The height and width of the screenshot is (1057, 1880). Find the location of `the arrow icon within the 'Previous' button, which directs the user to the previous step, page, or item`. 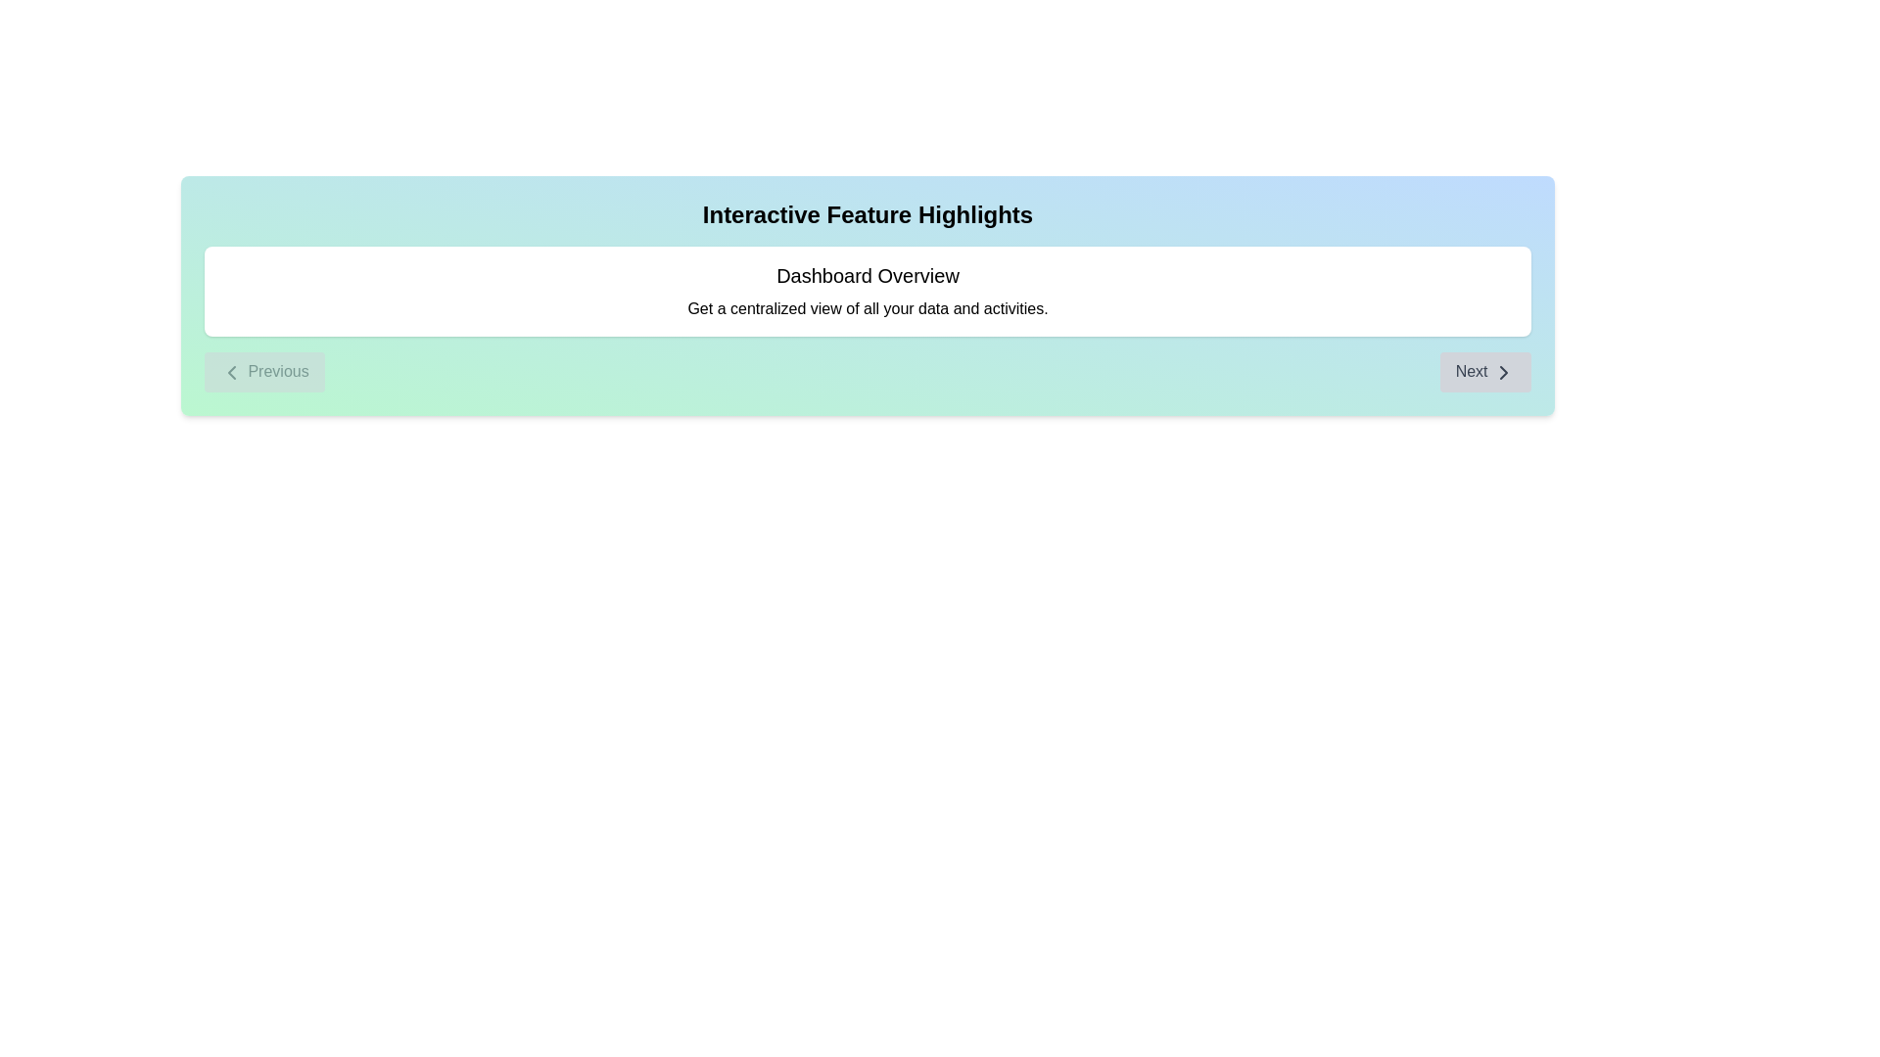

the arrow icon within the 'Previous' button, which directs the user to the previous step, page, or item is located at coordinates (231, 372).